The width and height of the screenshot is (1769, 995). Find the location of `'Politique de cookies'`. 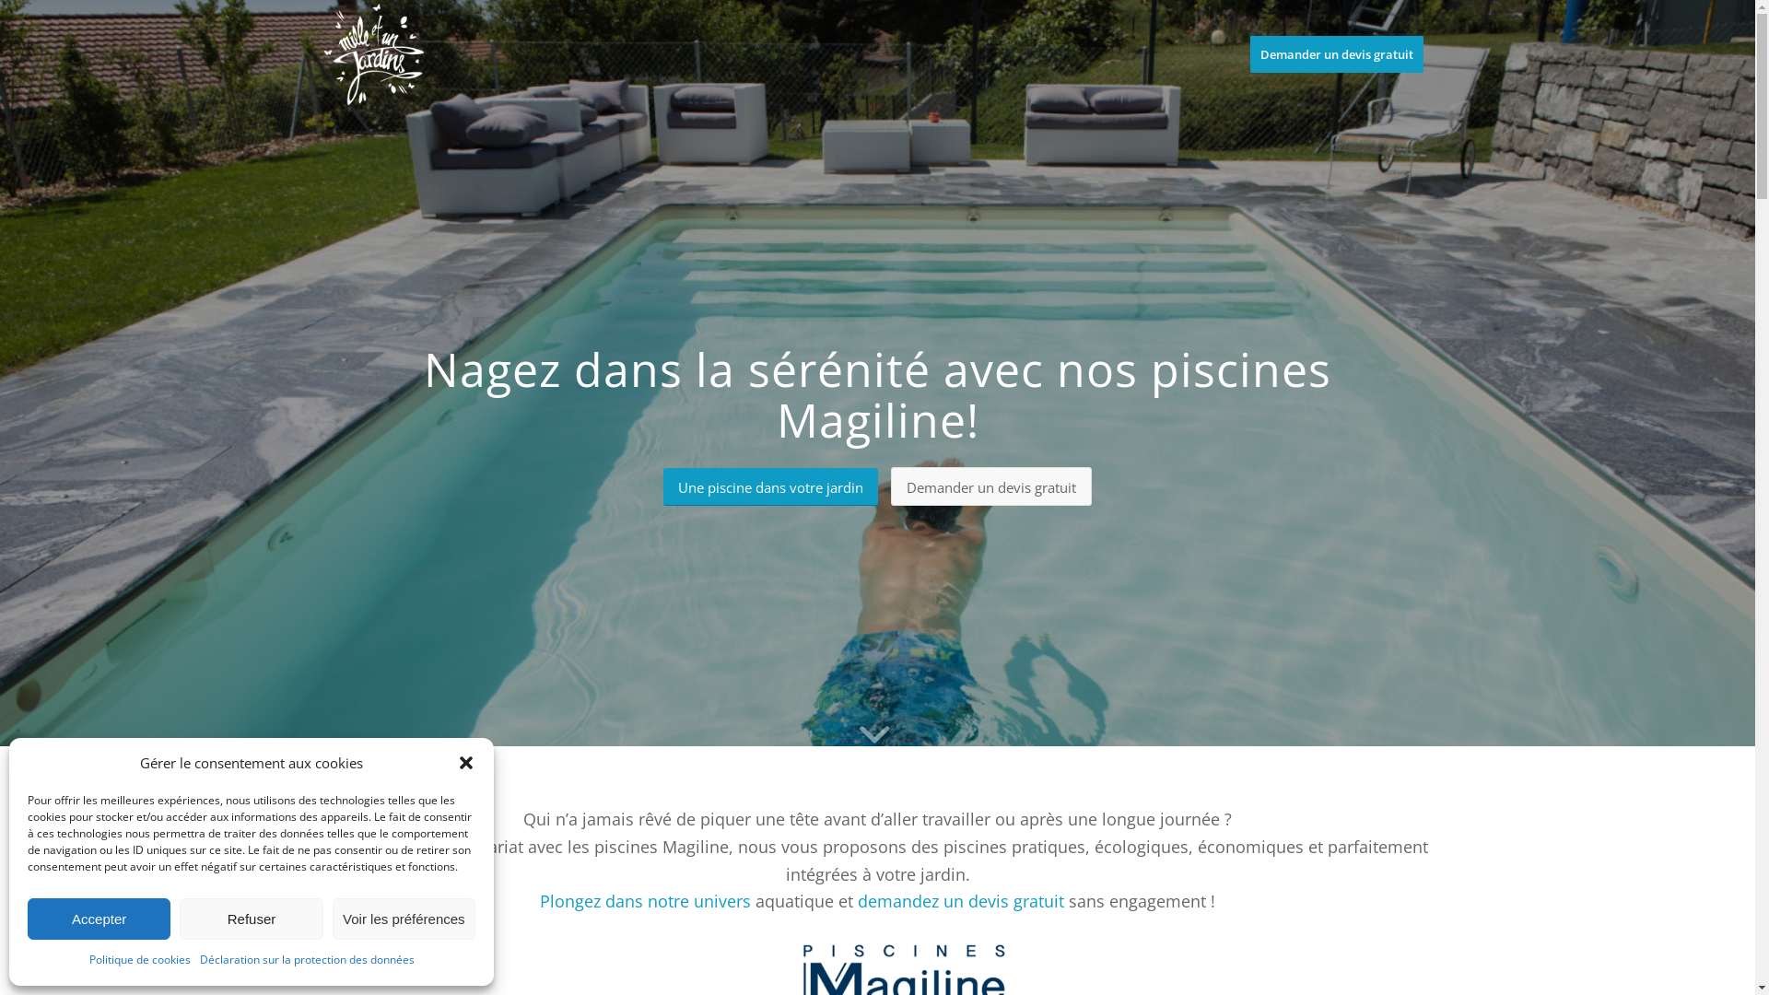

'Politique de cookies' is located at coordinates (137, 959).